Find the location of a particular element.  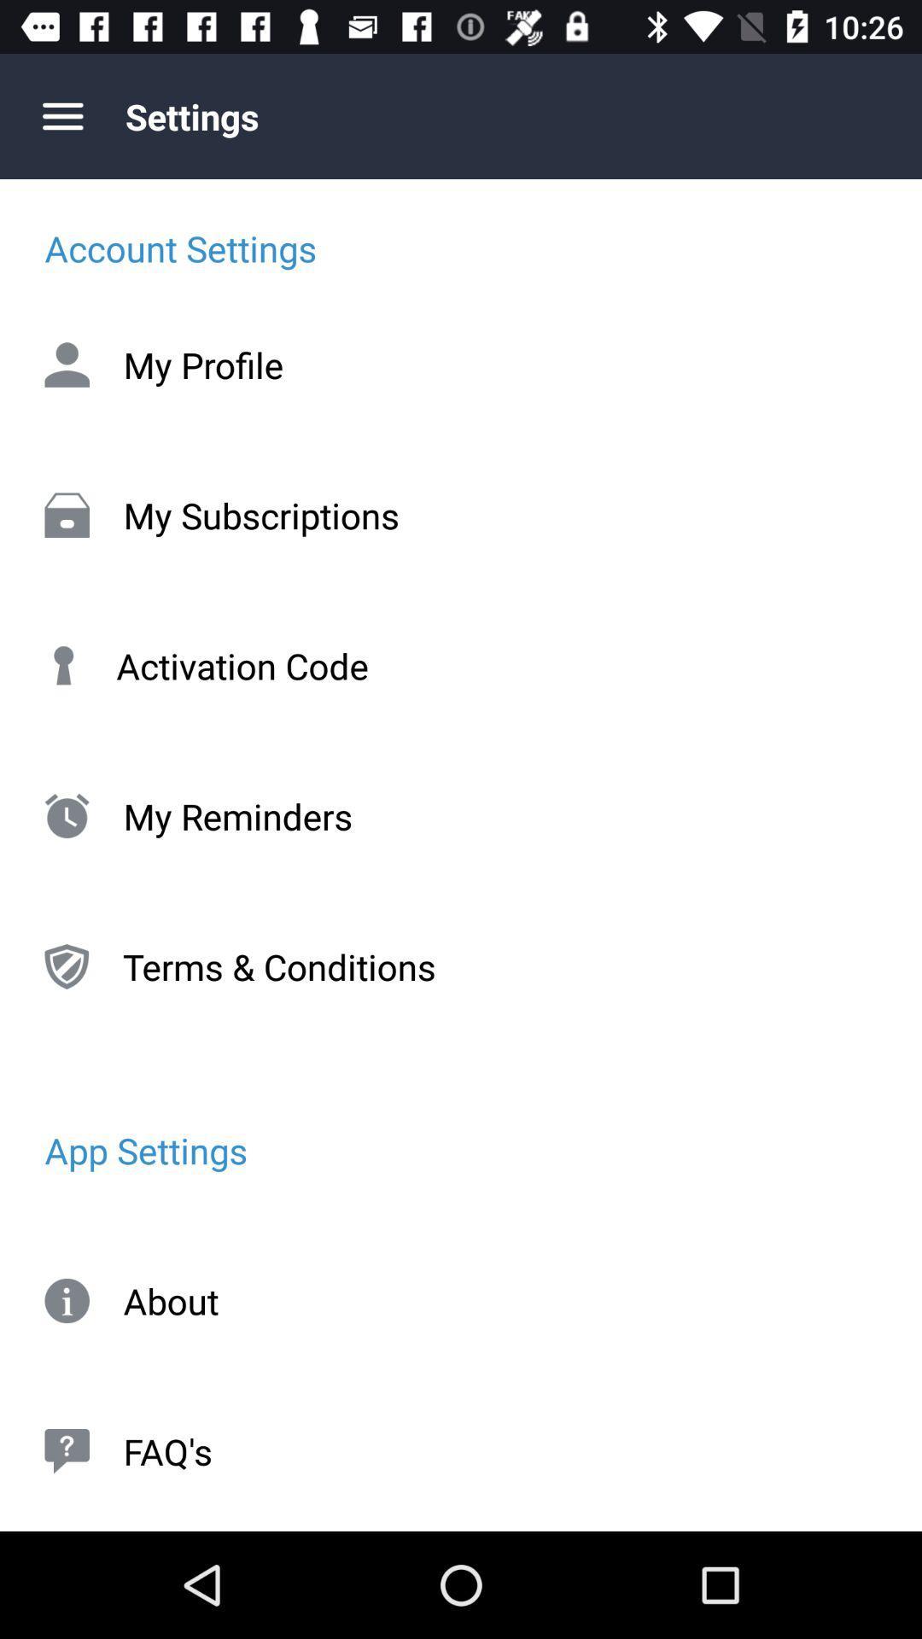

the item to the left of settings is located at coordinates (61, 115).